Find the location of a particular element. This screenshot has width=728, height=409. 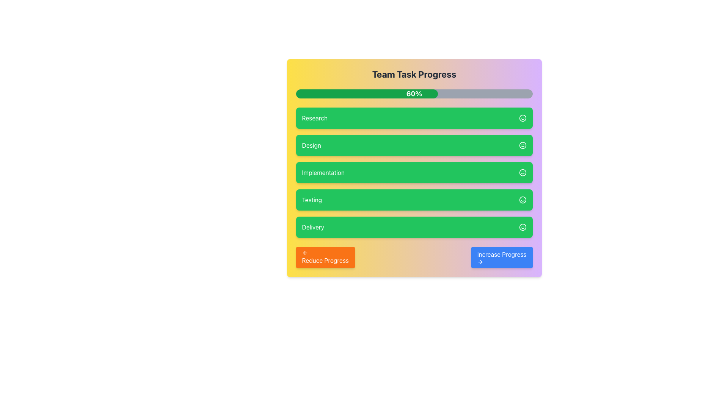

the fifth green button in a vertical list, which represents the 'Delivery' phase in a workflow is located at coordinates (414, 227).